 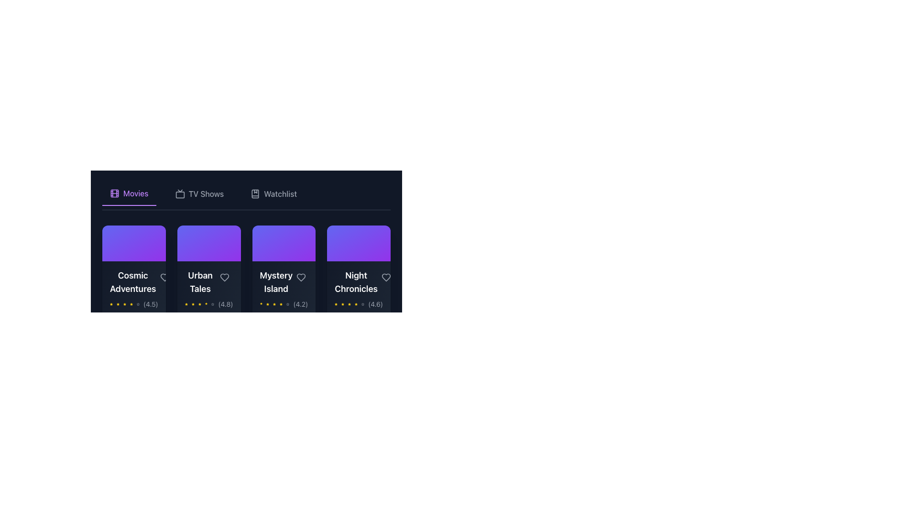 What do you see at coordinates (273, 193) in the screenshot?
I see `the 'Watchlist' button, which is the third button in a set of three navigation tabs located at the upper region of the interface` at bounding box center [273, 193].